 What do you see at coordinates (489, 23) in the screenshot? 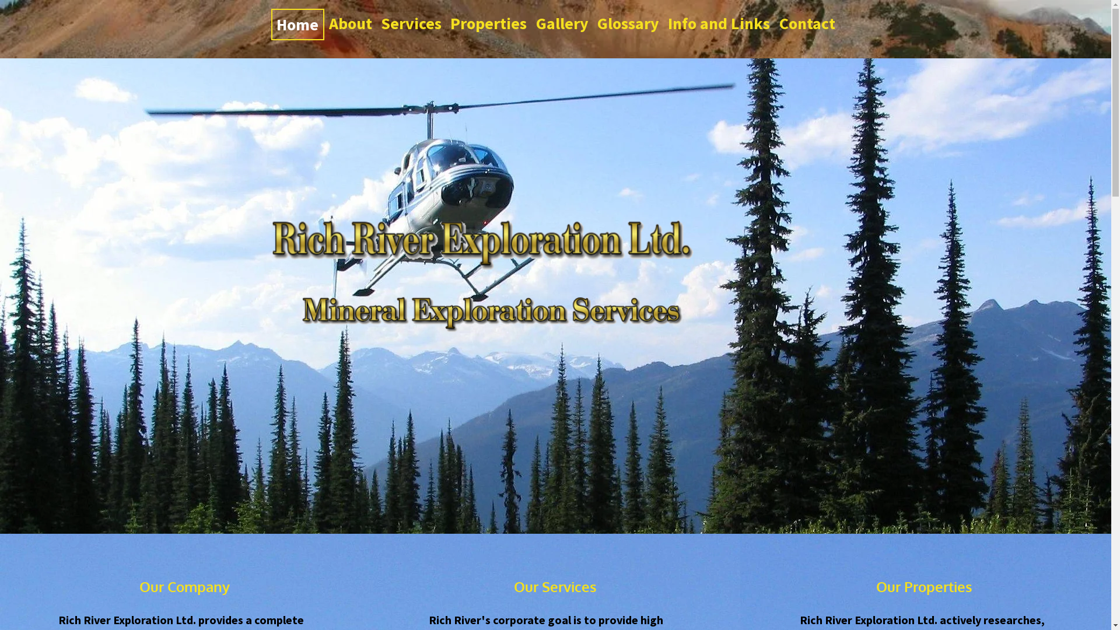
I see `'Properties'` at bounding box center [489, 23].